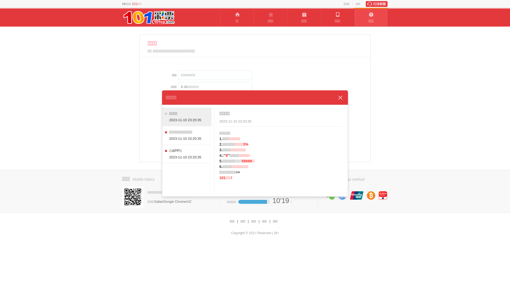  What do you see at coordinates (269, 221) in the screenshot?
I see `'|'` at bounding box center [269, 221].